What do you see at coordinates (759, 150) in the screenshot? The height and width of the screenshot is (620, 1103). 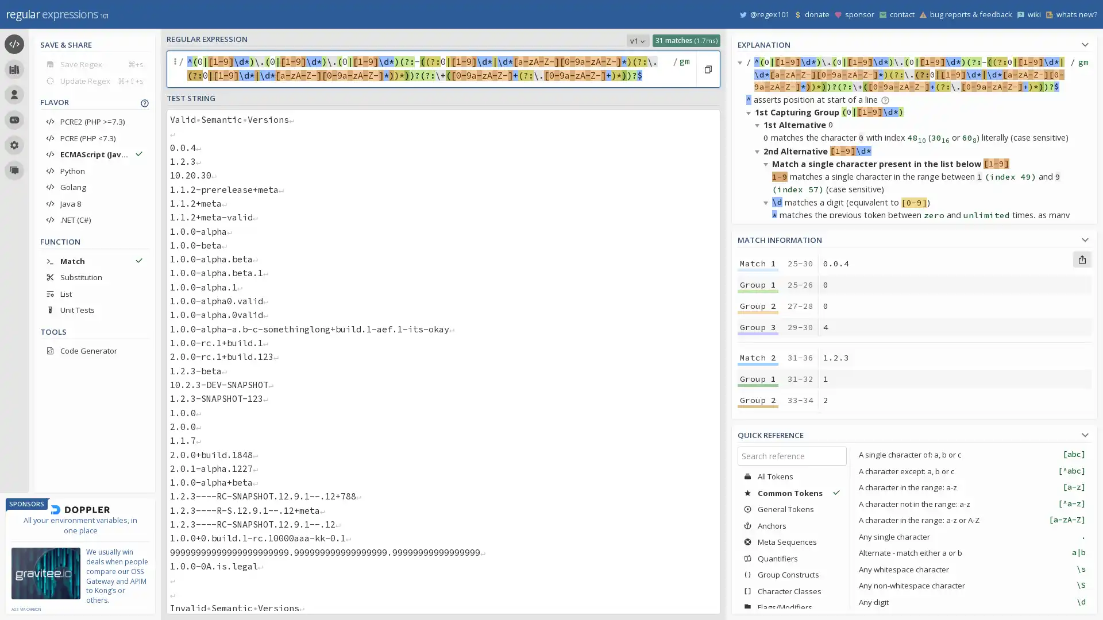 I see `Collapse Subtree` at bounding box center [759, 150].